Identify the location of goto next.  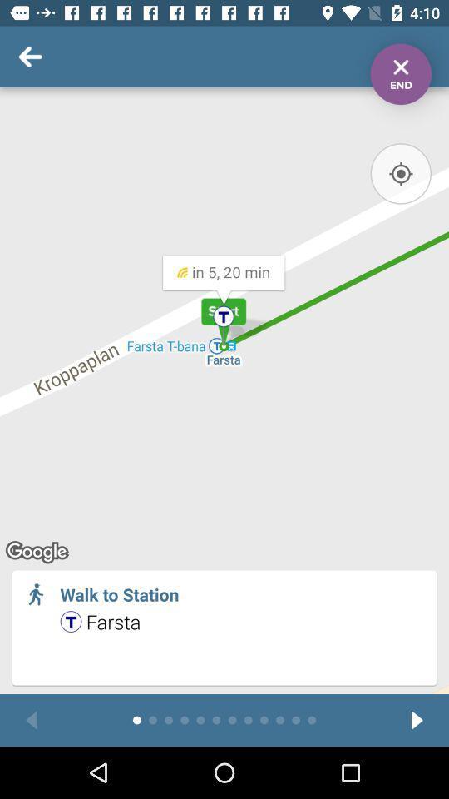
(416, 719).